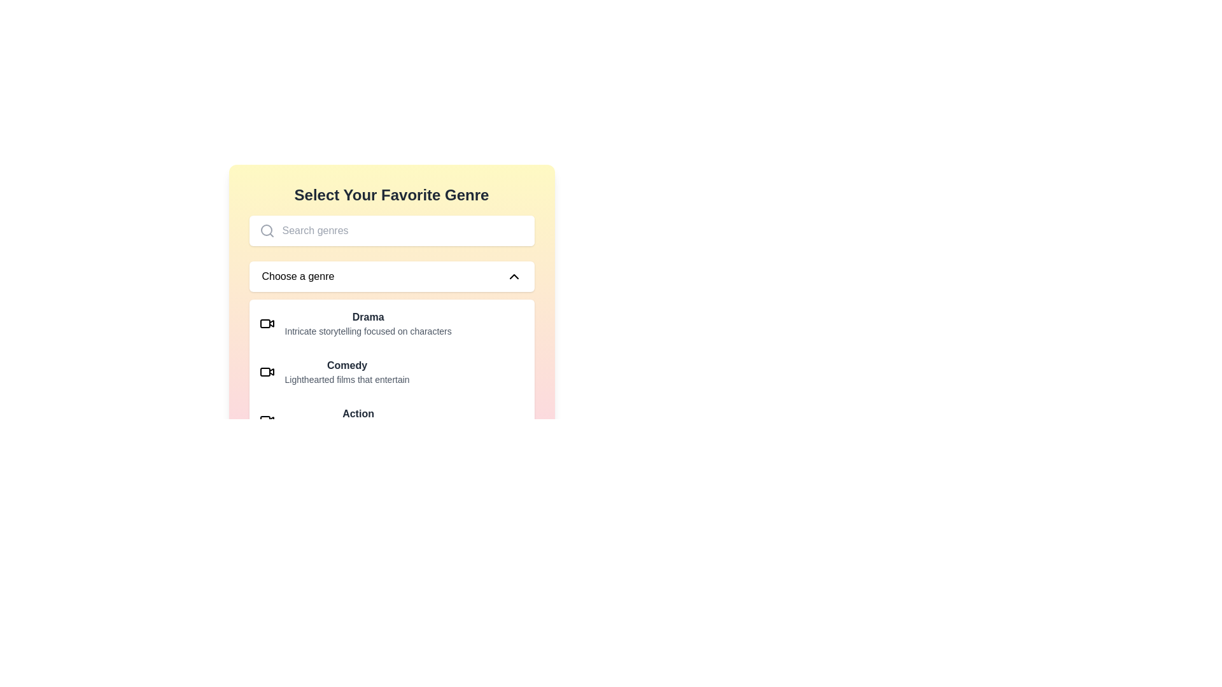 Image resolution: width=1222 pixels, height=687 pixels. Describe the element at coordinates (358, 420) in the screenshot. I see `the list item containing the title 'Action' and the description 'High-paced films with amazing stunts'` at that location.